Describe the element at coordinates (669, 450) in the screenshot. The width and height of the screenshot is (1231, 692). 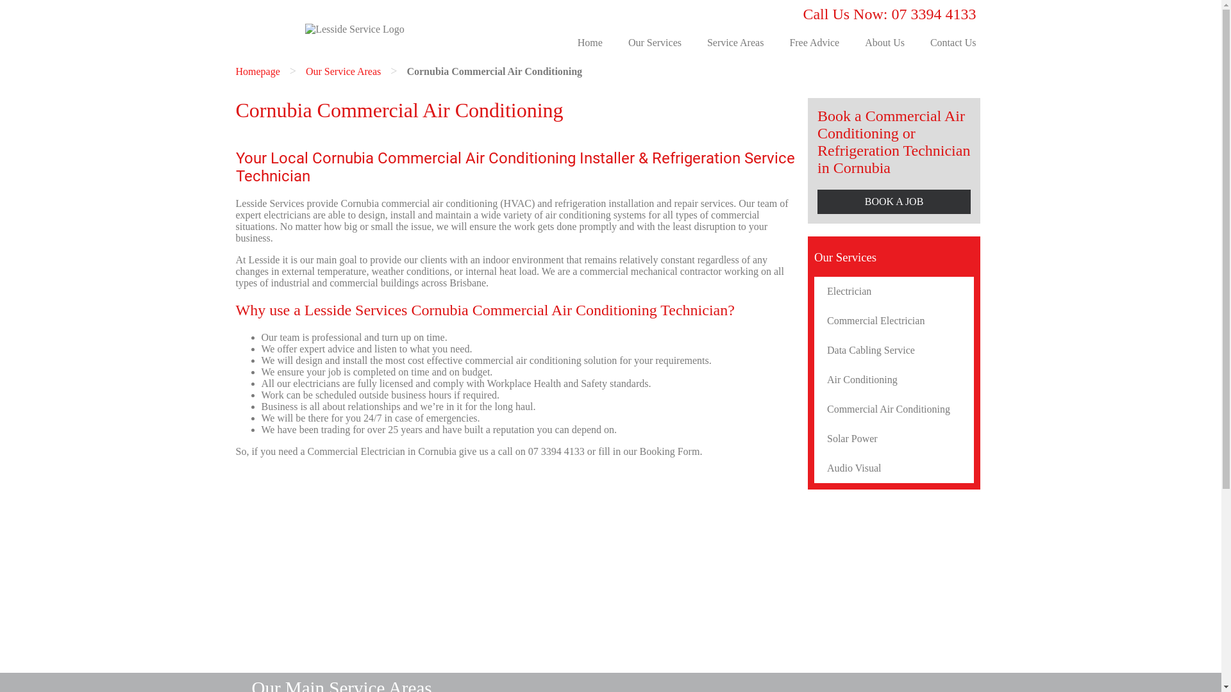
I see `'Booking Form'` at that location.